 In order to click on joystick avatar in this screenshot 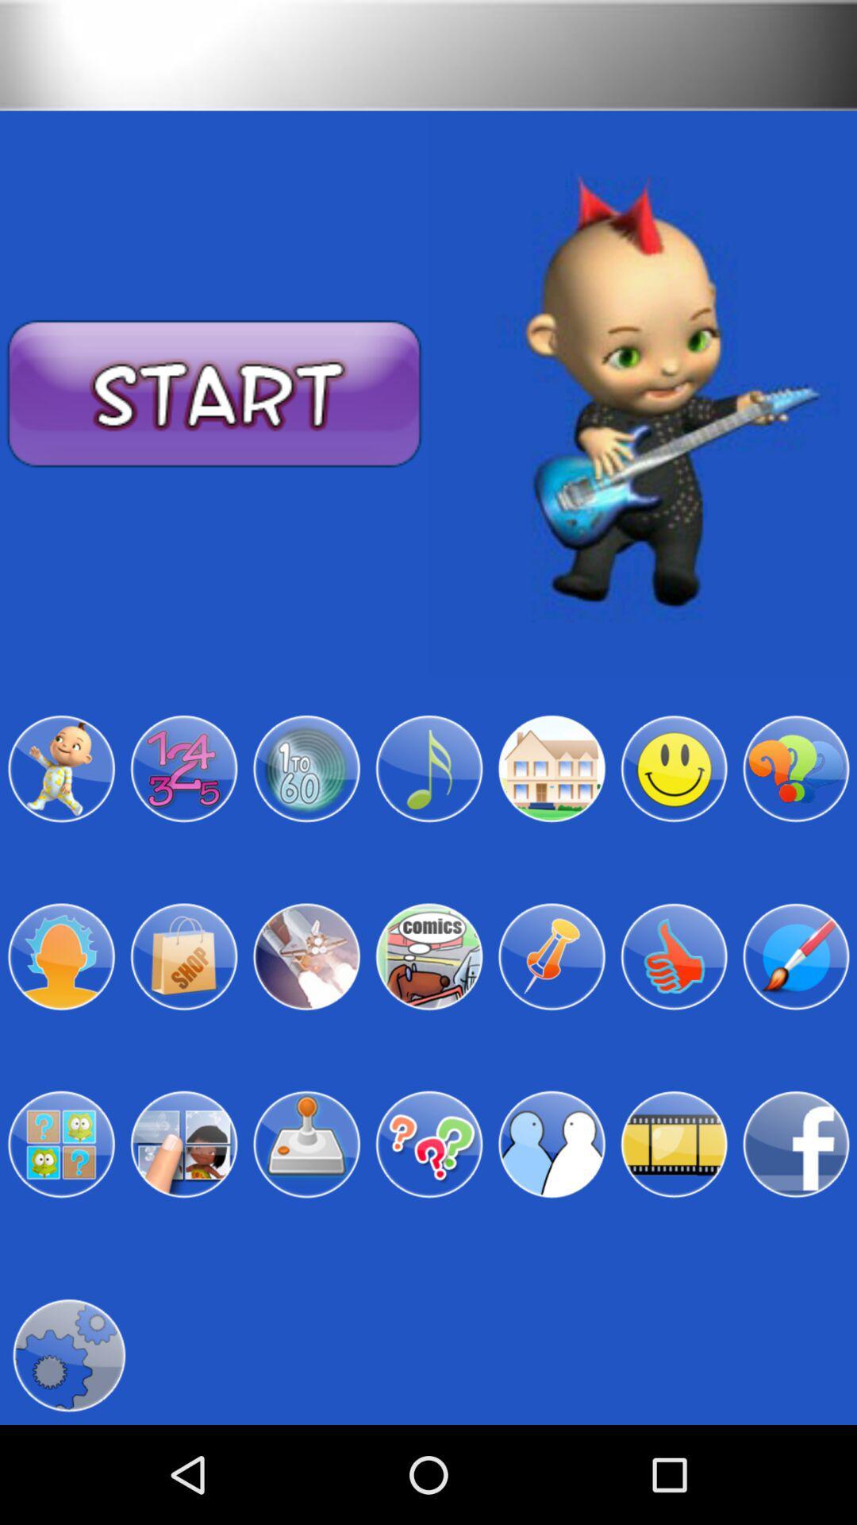, I will do `click(306, 1145)`.